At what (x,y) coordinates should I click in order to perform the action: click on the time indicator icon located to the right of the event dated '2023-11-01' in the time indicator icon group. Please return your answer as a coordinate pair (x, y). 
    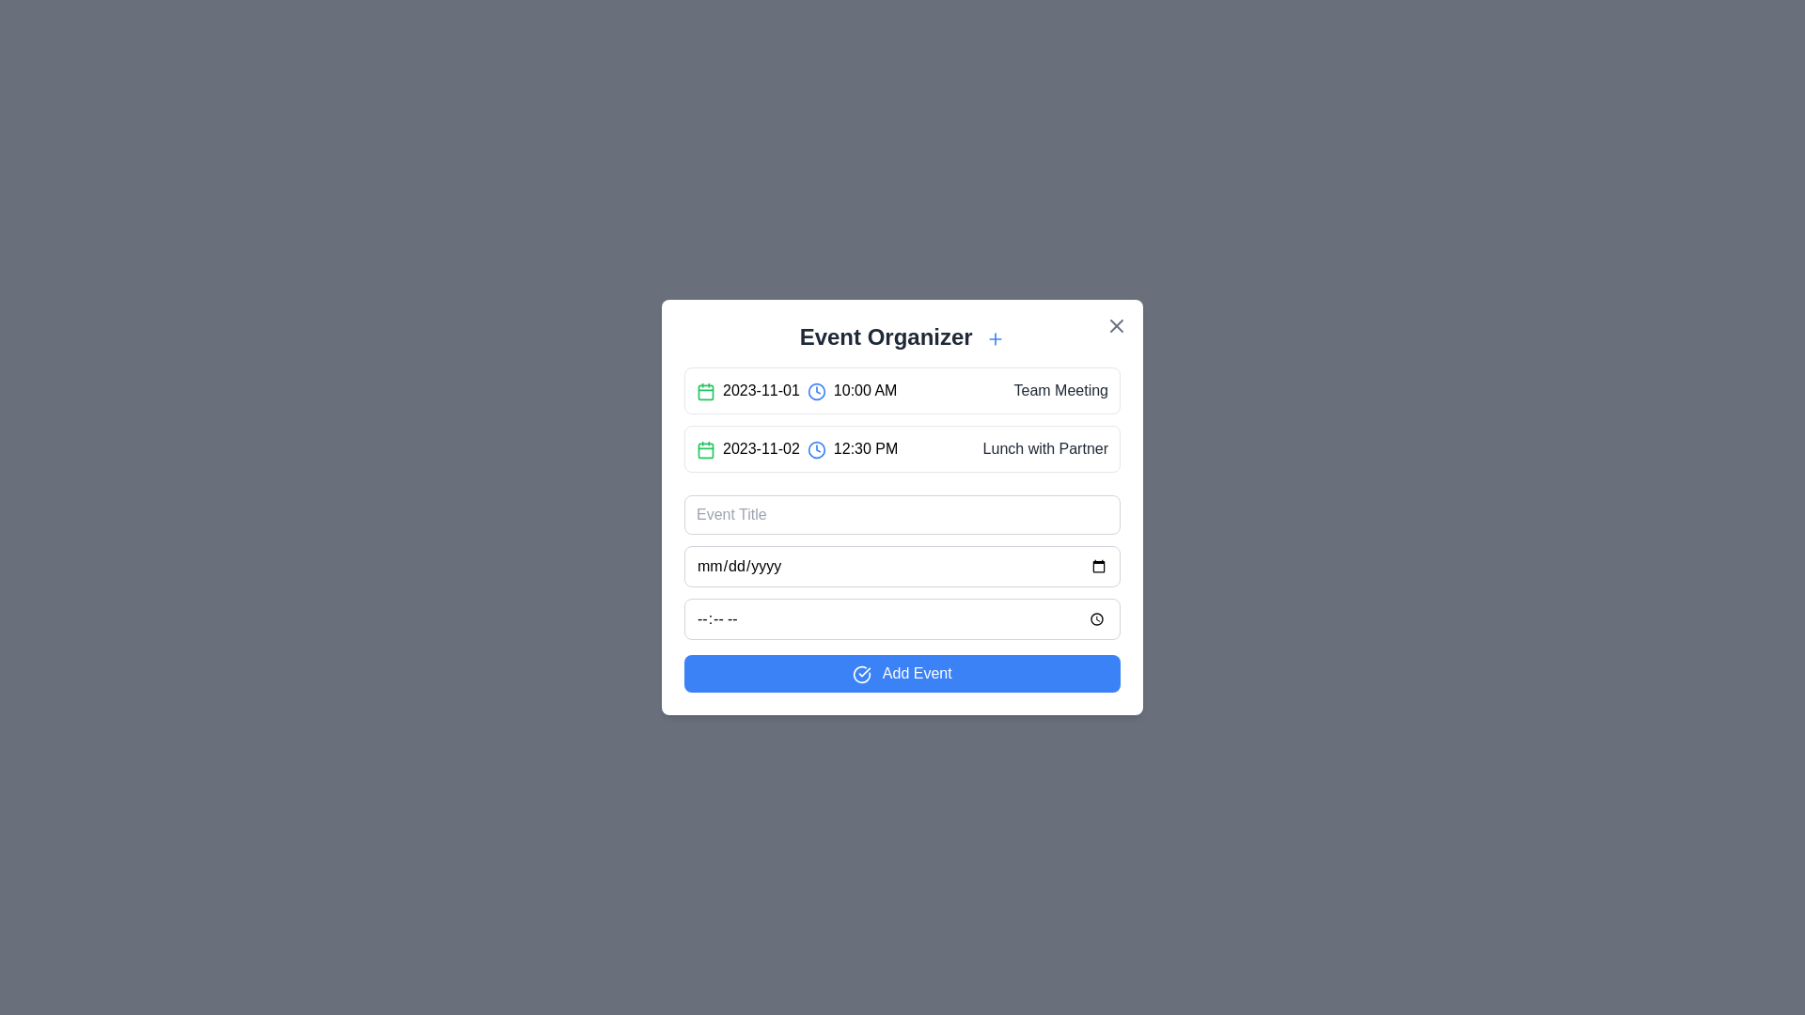
    Looking at the image, I should click on (816, 449).